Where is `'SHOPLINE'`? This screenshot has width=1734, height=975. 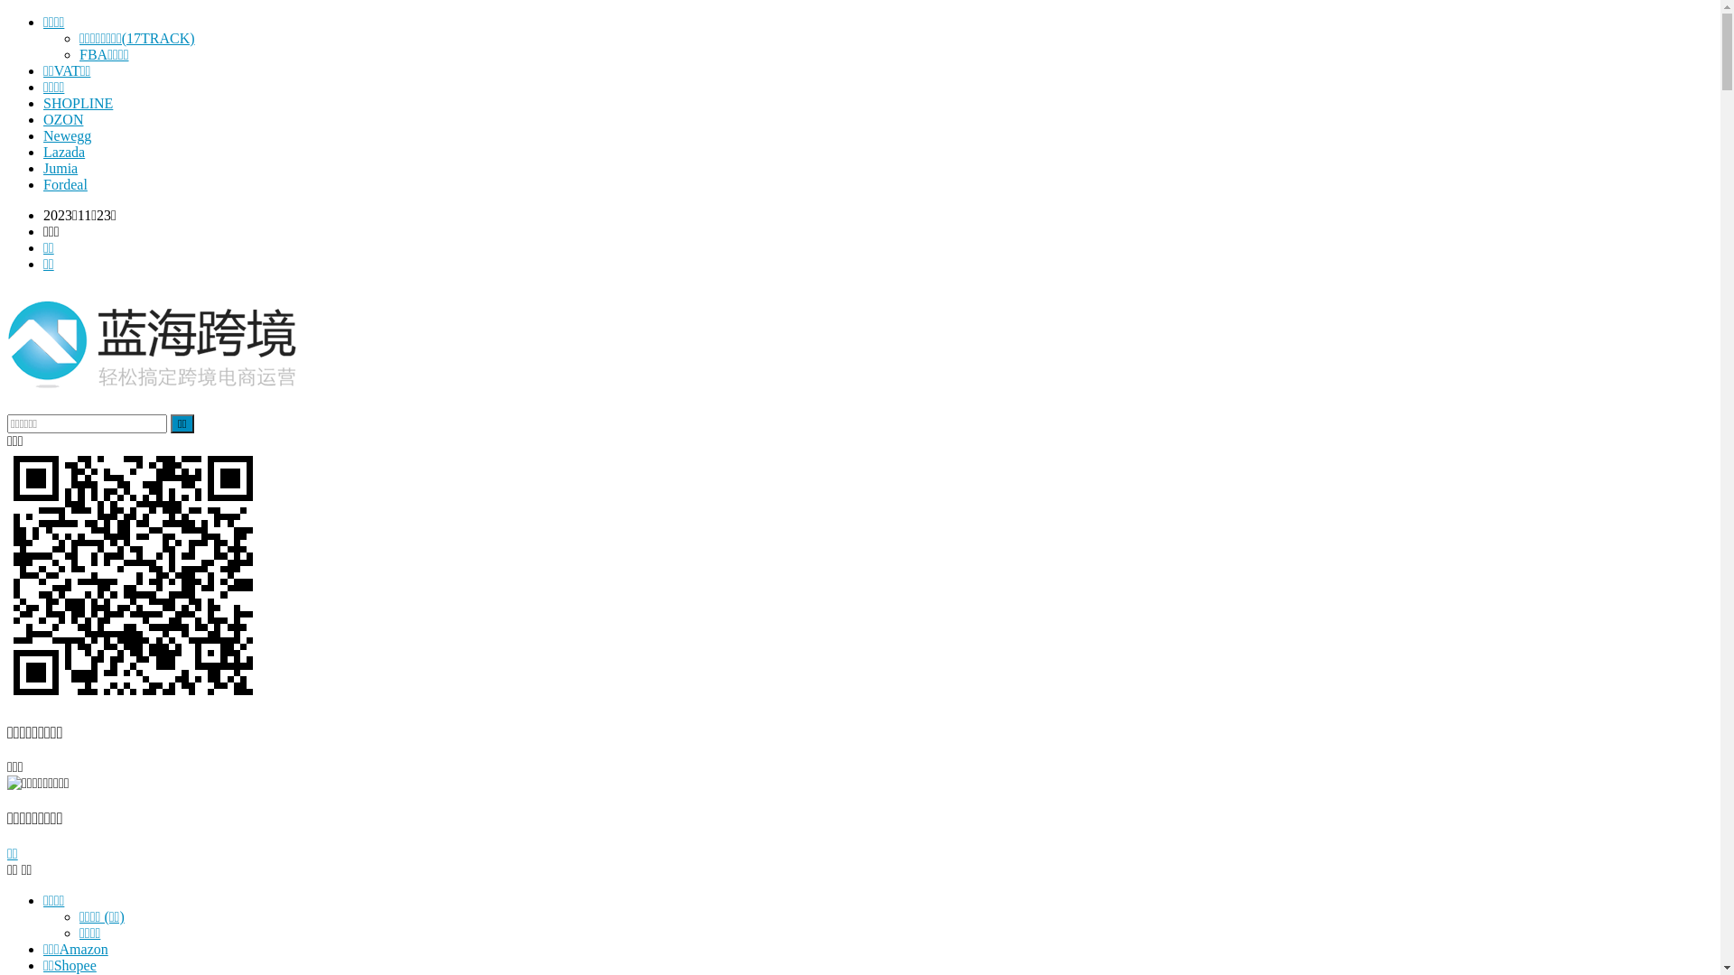
'SHOPLINE' is located at coordinates (77, 103).